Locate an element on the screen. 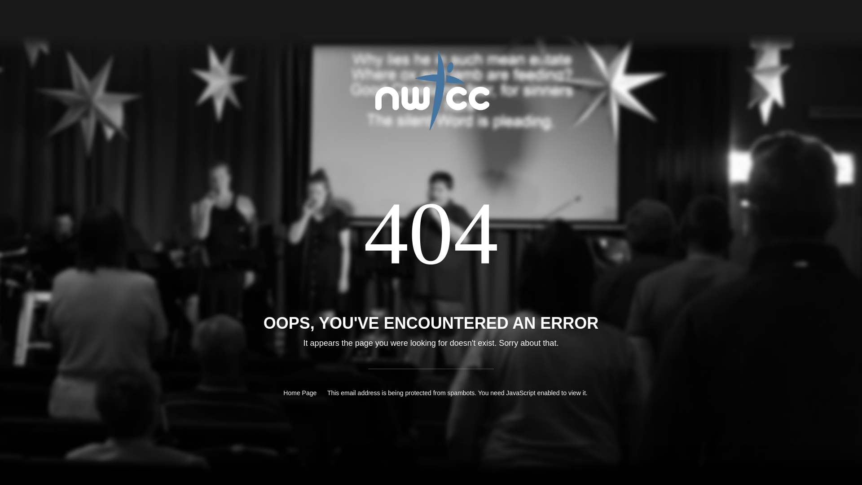  'Home Page' is located at coordinates (299, 392).